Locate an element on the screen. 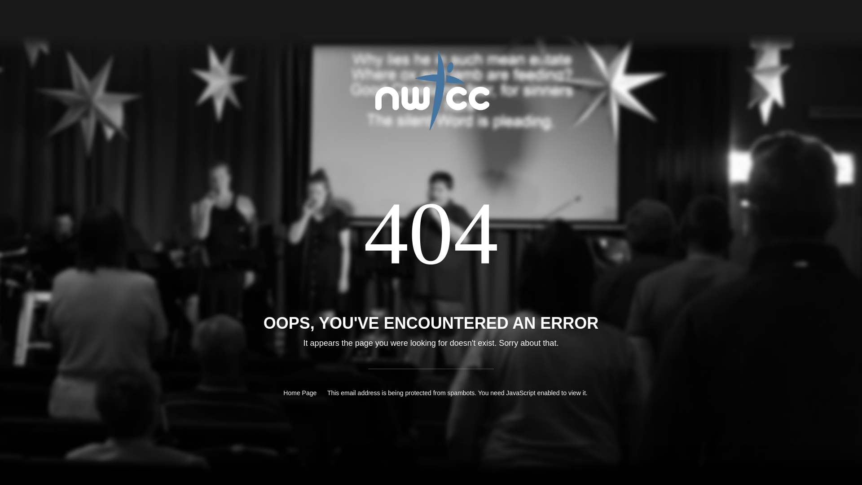  'Home Page' is located at coordinates (299, 392).